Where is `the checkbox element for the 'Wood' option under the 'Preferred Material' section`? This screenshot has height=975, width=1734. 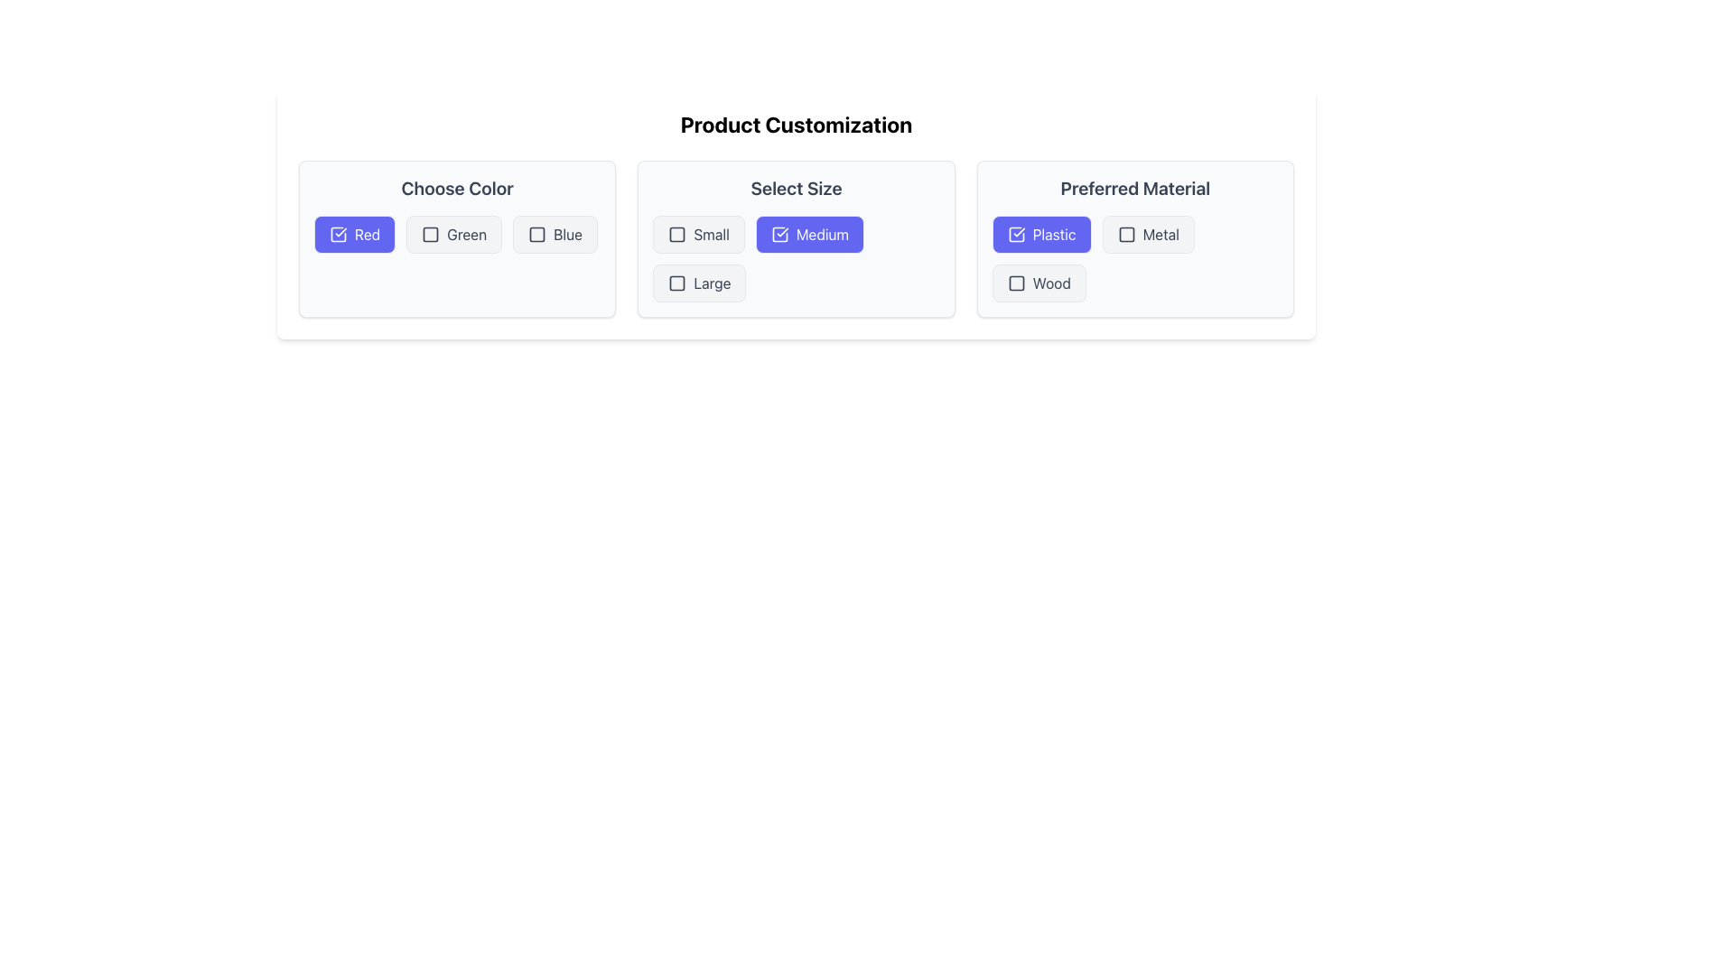 the checkbox element for the 'Wood' option under the 'Preferred Material' section is located at coordinates (1016, 283).